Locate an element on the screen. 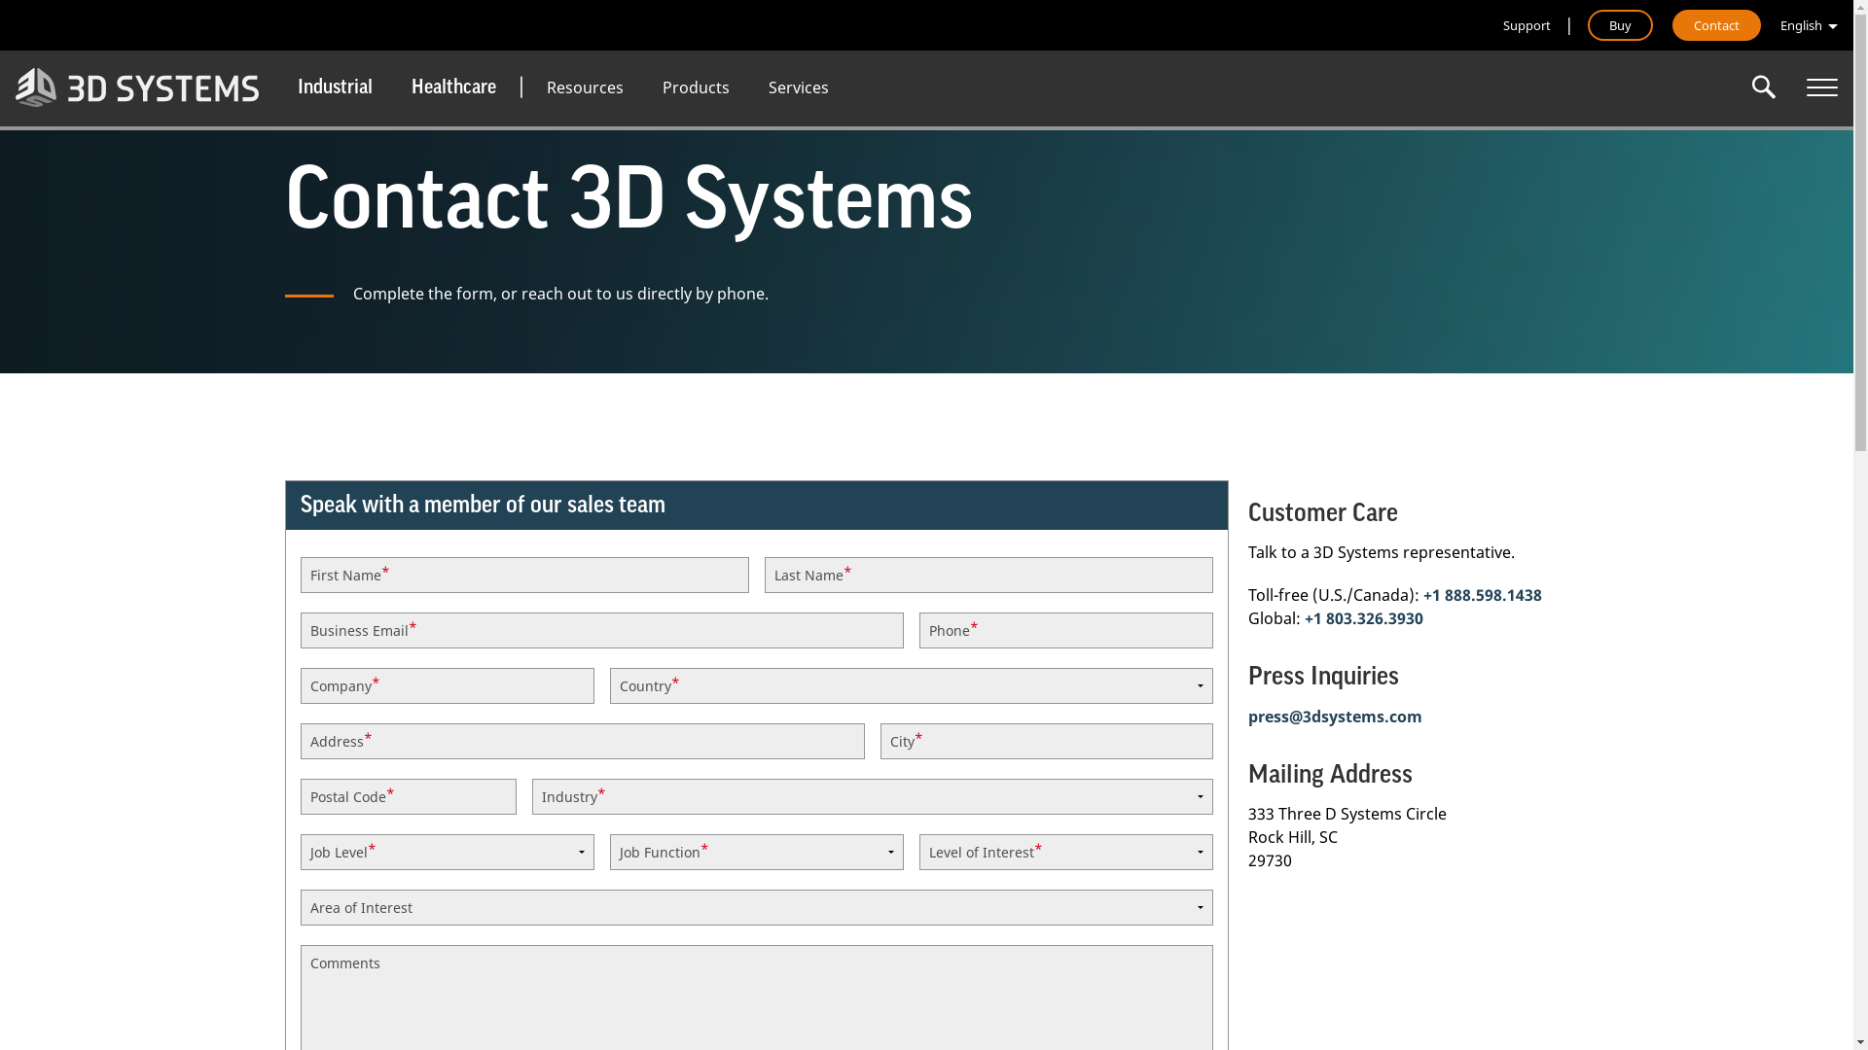  'Services' is located at coordinates (798, 86).